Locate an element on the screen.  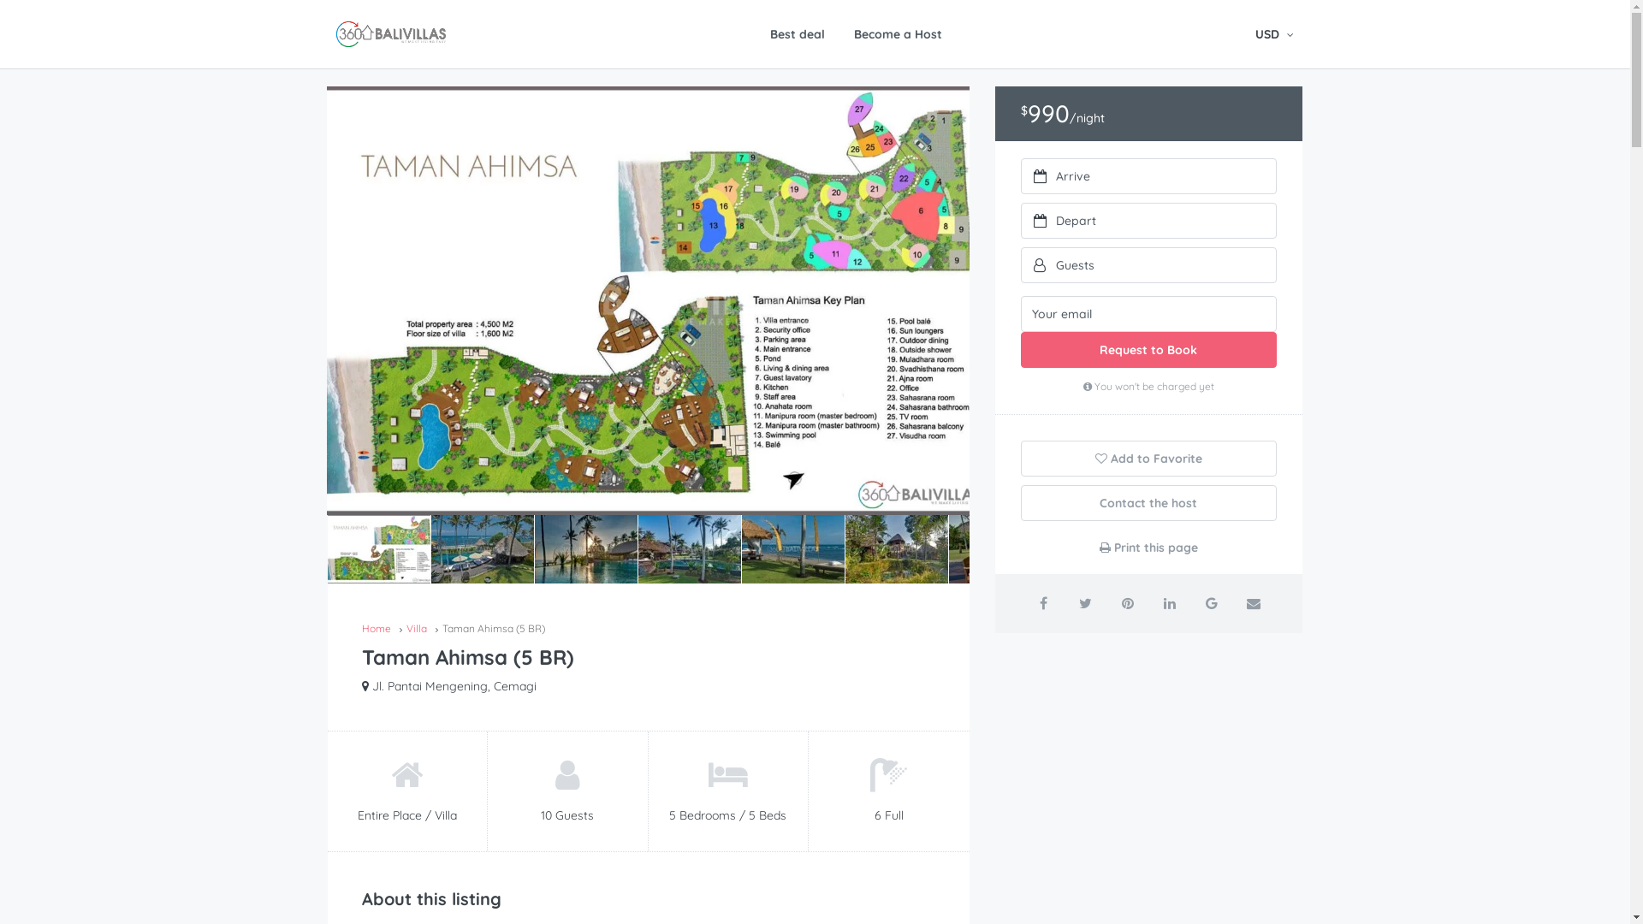
'Become a Host' is located at coordinates (897, 33).